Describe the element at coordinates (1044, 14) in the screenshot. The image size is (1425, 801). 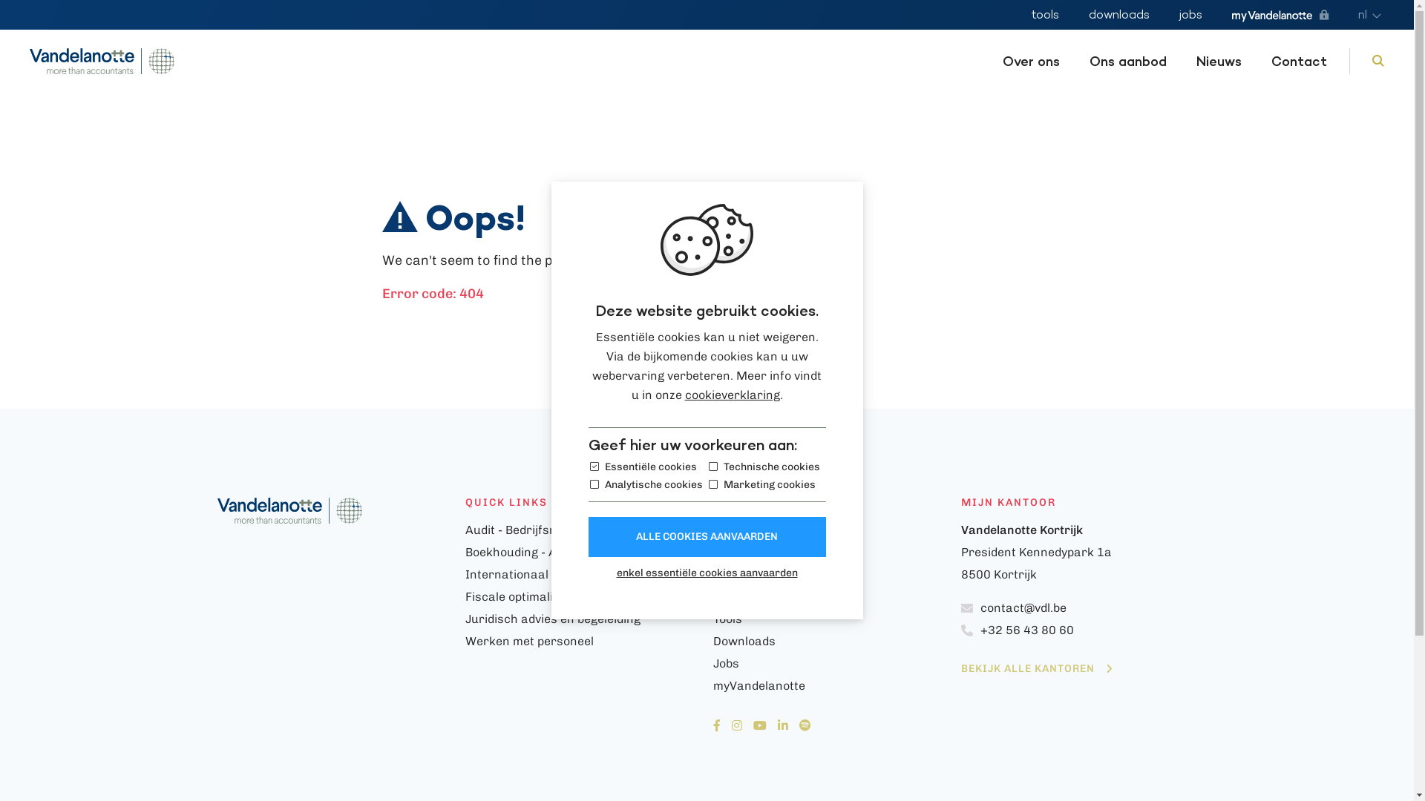
I see `'tools'` at that location.